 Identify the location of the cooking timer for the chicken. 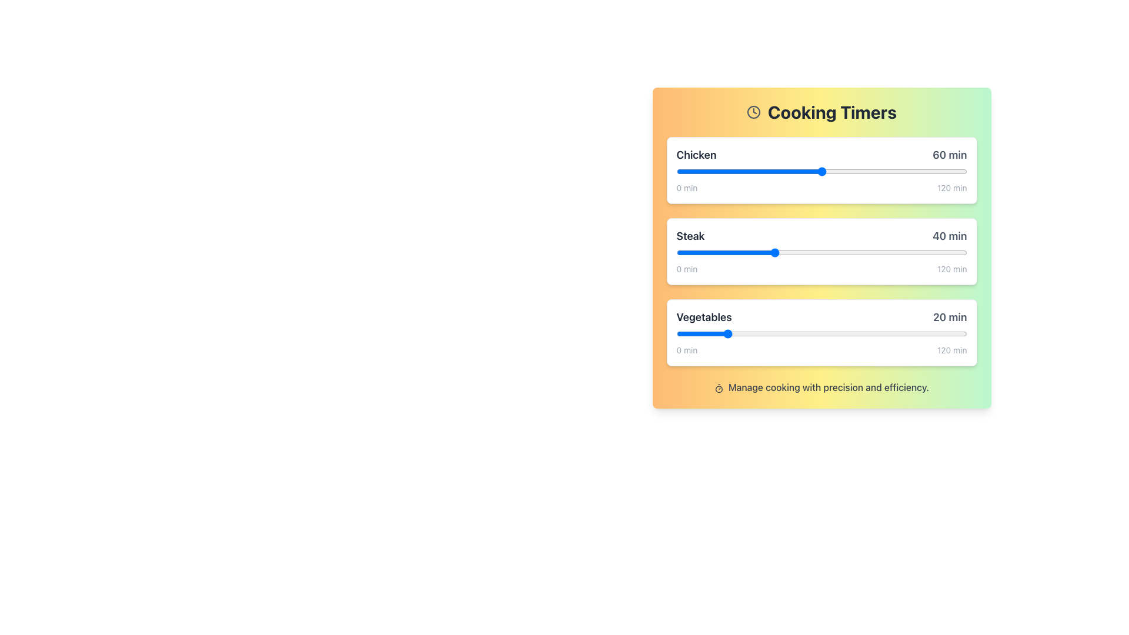
(698, 172).